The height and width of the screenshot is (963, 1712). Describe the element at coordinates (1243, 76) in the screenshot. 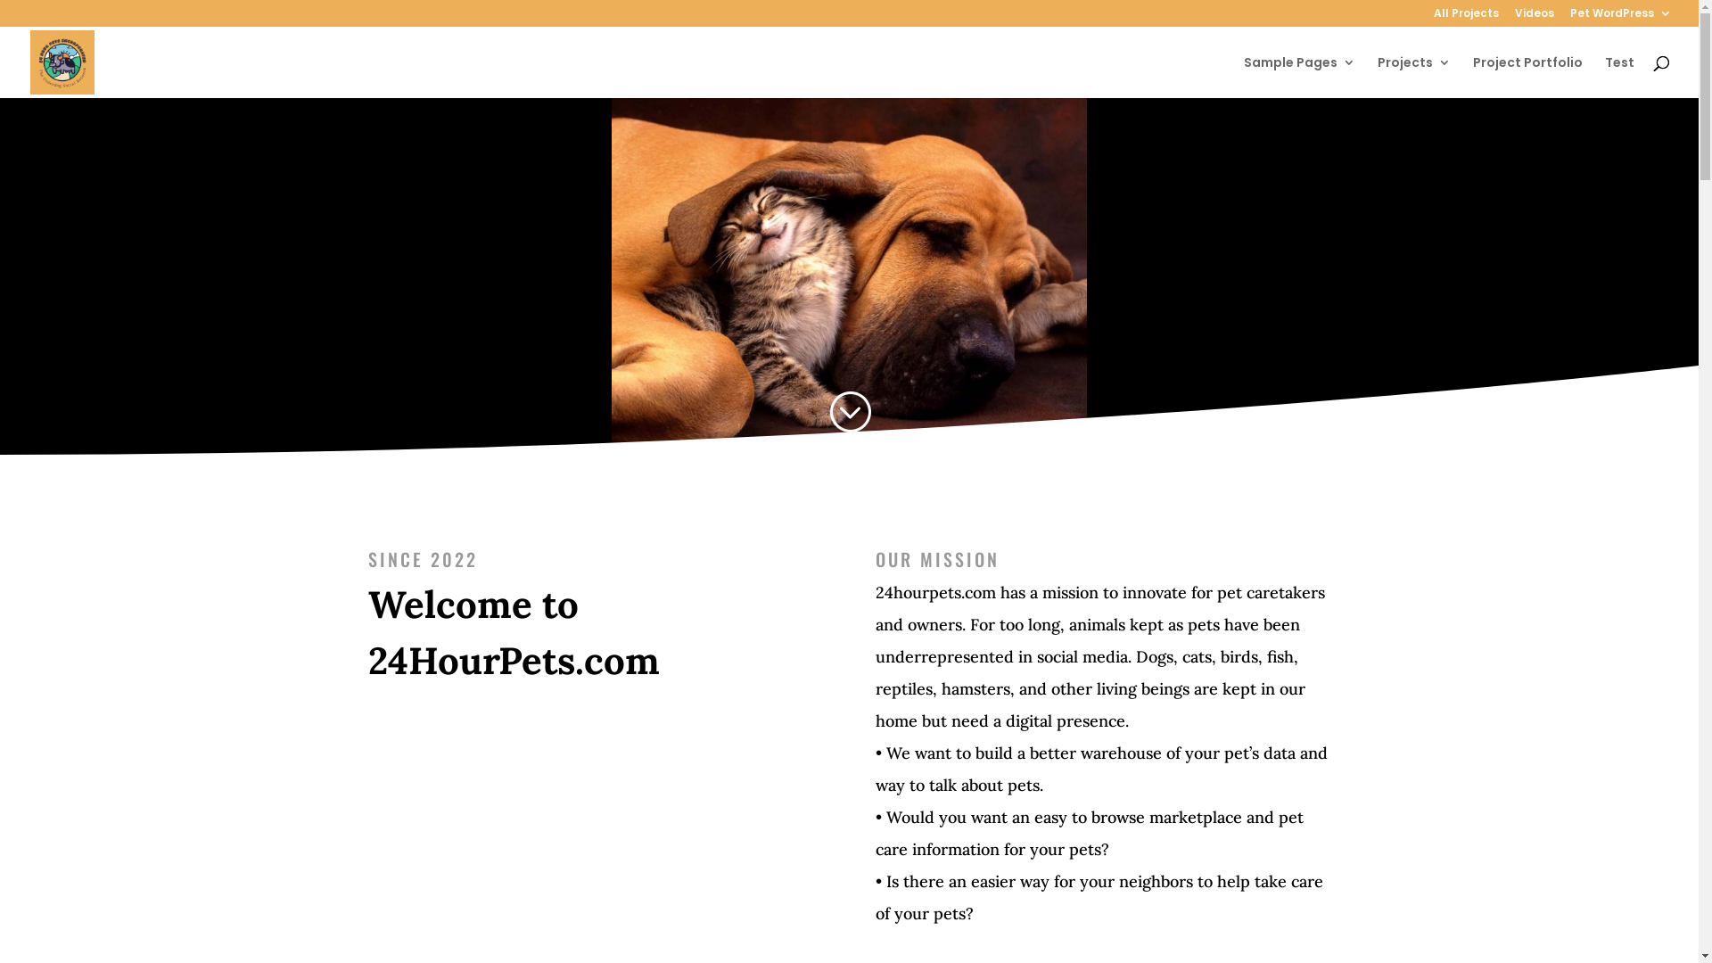

I see `'Sample Pages'` at that location.